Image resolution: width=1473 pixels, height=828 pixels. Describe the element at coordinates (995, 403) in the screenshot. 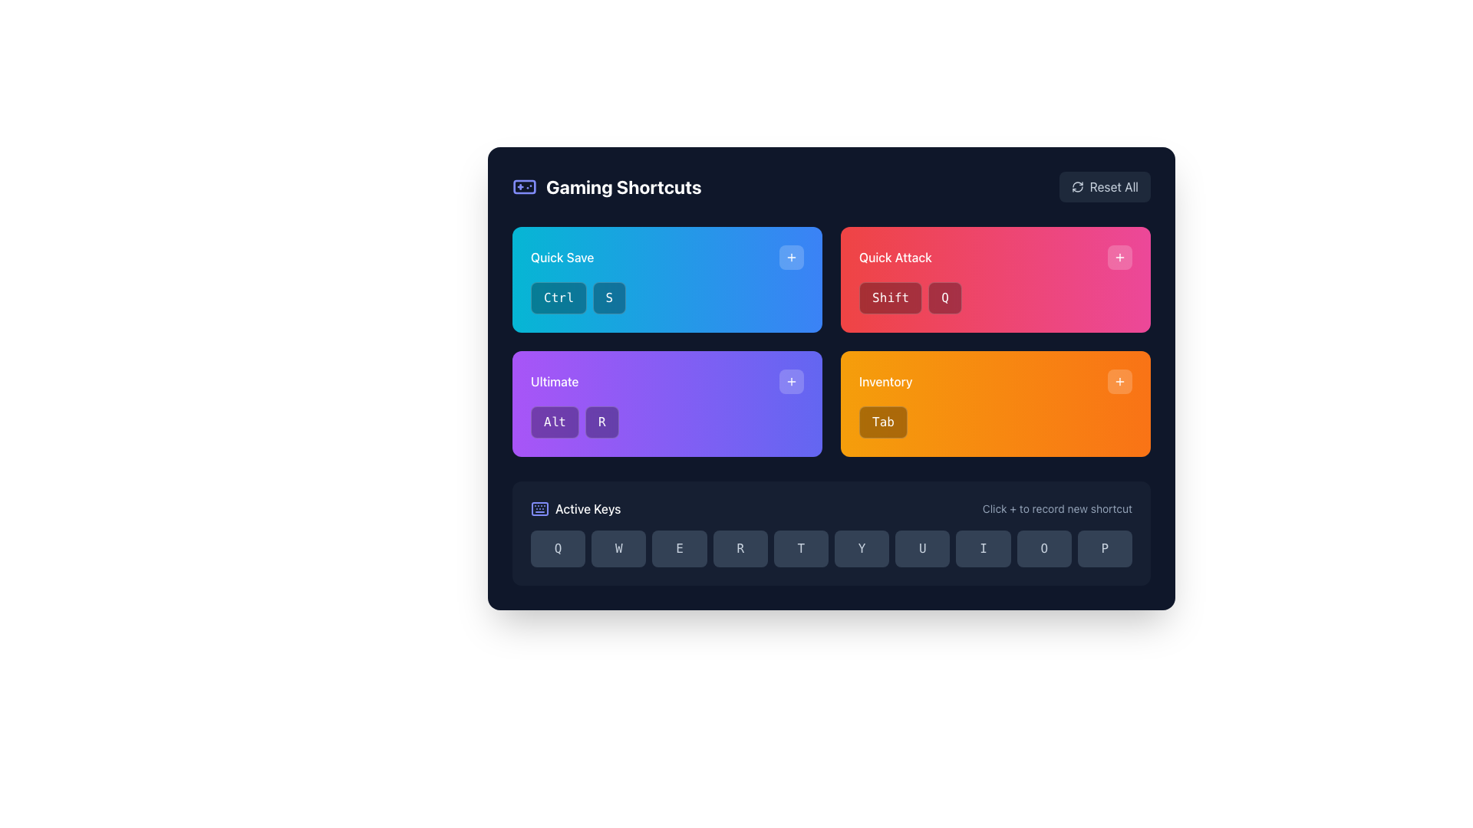

I see `the 'Inventory' action shortcut card located in the bottom-right corner of the grid layout, which is the fourth card below 'Quick Attack' and to the right of 'Ultimate'` at that location.